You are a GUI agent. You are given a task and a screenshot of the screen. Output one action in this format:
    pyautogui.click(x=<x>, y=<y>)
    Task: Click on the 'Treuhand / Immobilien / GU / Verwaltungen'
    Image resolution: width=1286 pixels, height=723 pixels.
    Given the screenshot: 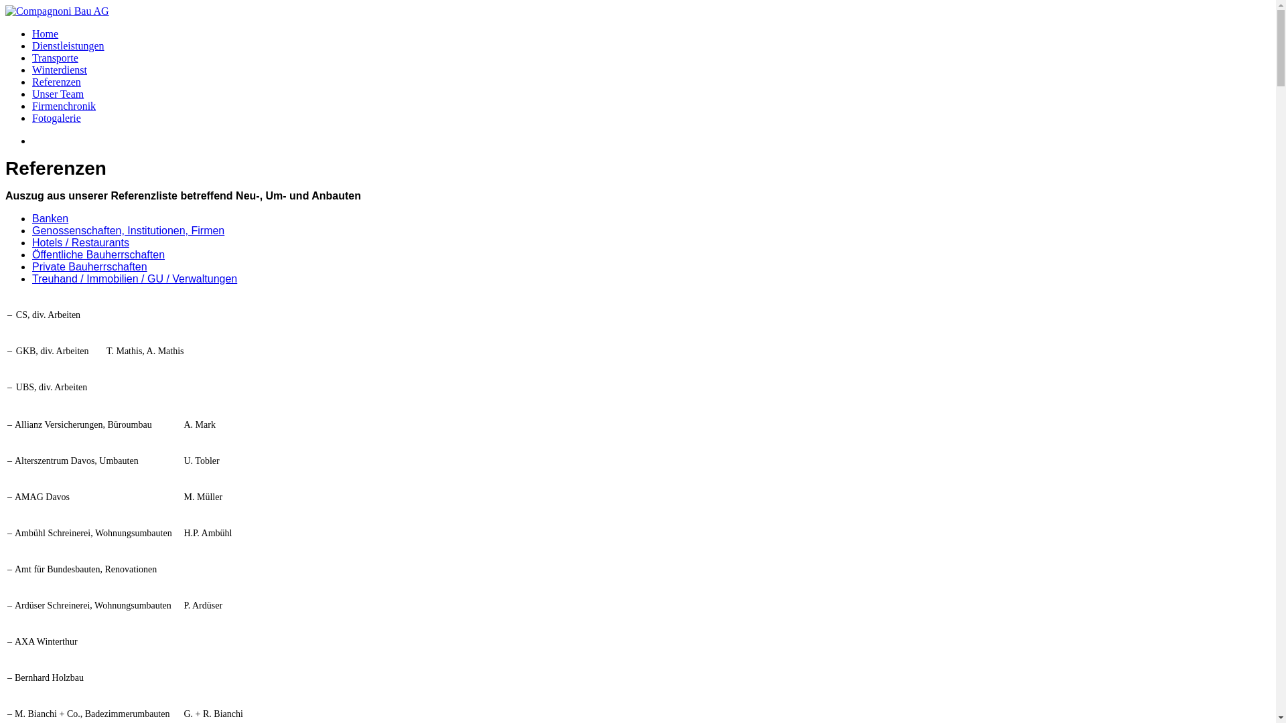 What is the action you would take?
    pyautogui.click(x=135, y=278)
    